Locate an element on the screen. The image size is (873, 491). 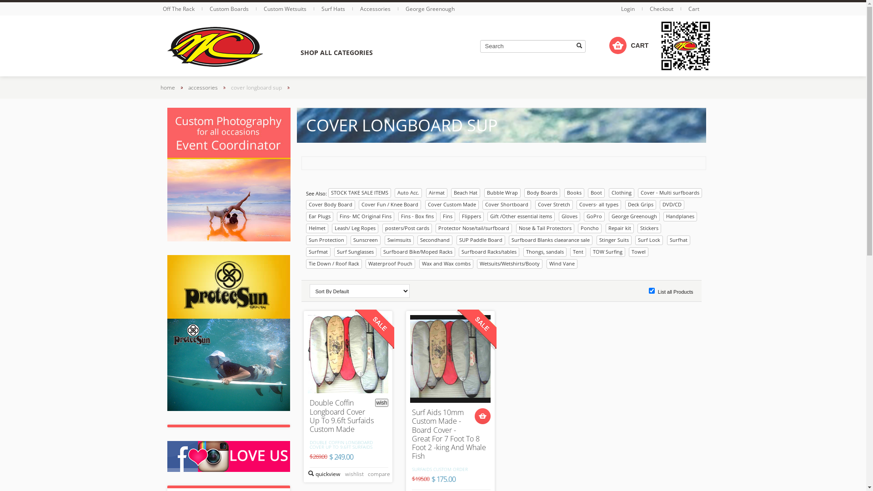
'Surf Hats' is located at coordinates (333, 9).